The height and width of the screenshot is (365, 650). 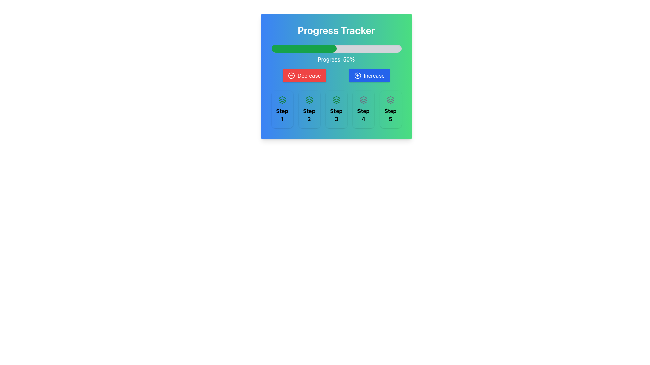 What do you see at coordinates (291, 75) in the screenshot?
I see `the circular vector graphic that represents a 'minus' symbol in the icon design, located to the left of the 'Decrease' button on the second row under the progress bar section` at bounding box center [291, 75].